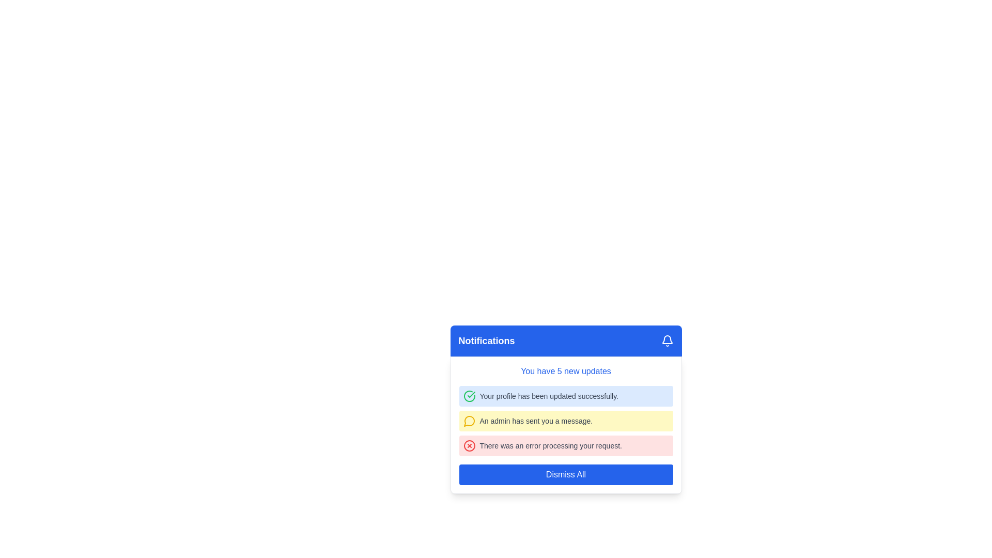 Image resolution: width=992 pixels, height=558 pixels. I want to click on the green checkmark icon in the notification panel indicating that the profile has been updated successfully, so click(469, 396).